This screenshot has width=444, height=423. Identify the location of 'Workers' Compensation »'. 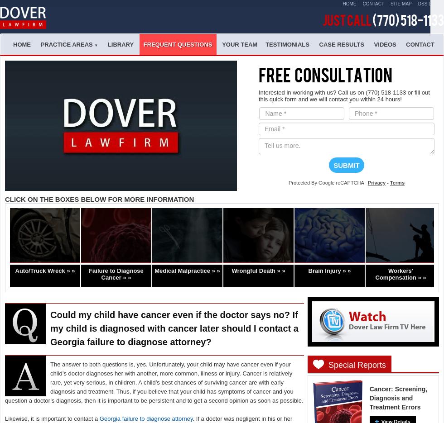
(398, 273).